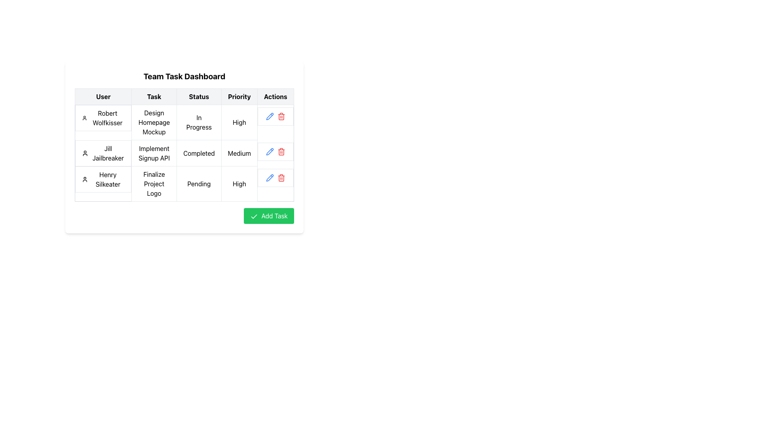 The width and height of the screenshot is (760, 428). I want to click on the delete icon in the Actions column of the first row of the dashboard table, which is to the right of the Priority column displaying 'High', so click(275, 116).